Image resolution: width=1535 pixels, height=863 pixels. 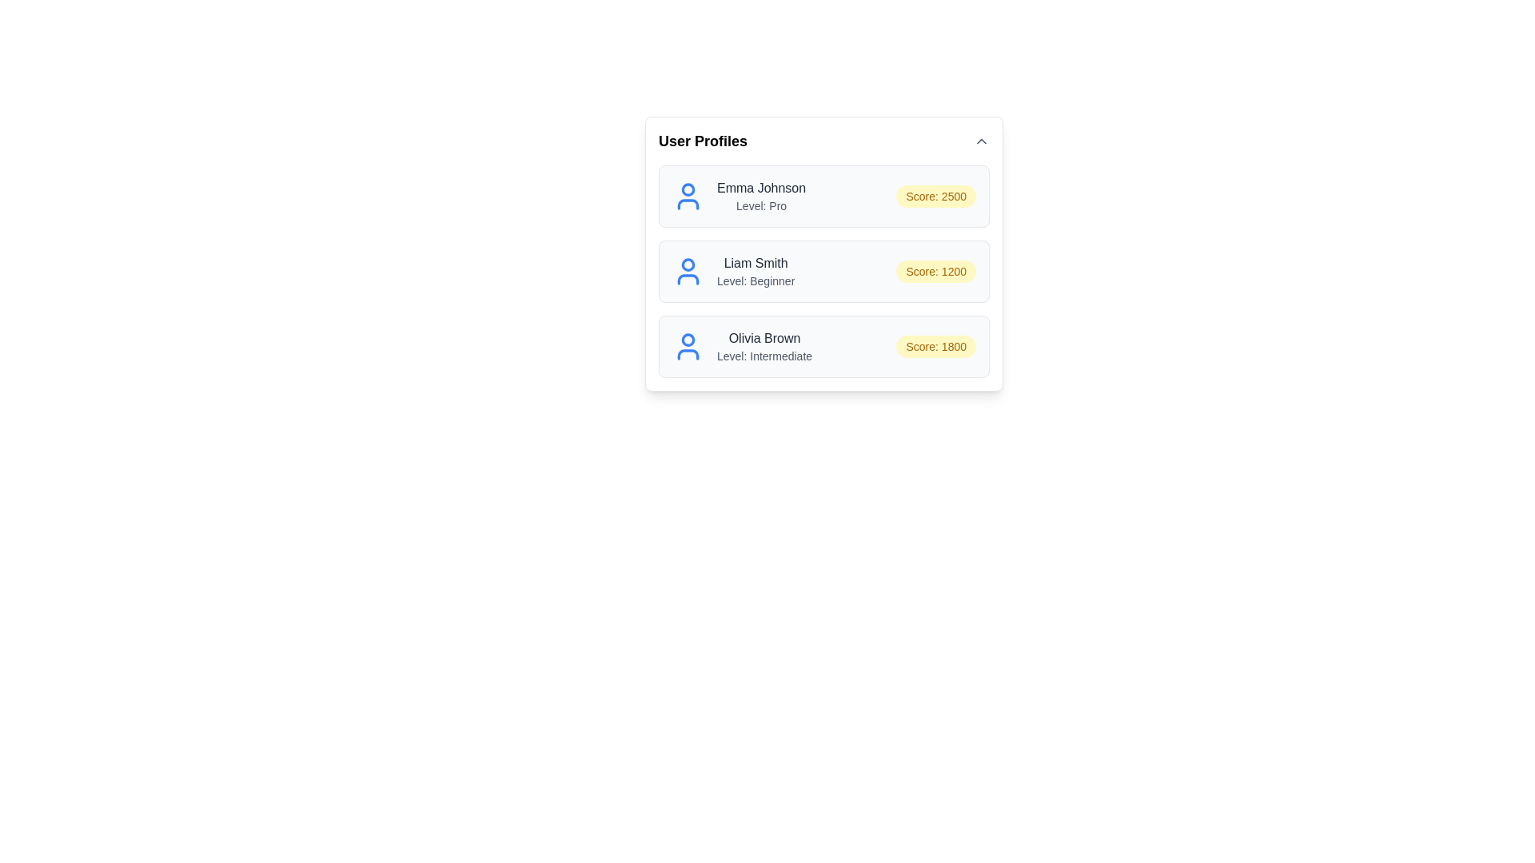 I want to click on the profile icon representing user 'Emma Johnson' located in the top left corner of the user profiles list, adjacent to 'Emma Johnson Level: Pro', so click(x=688, y=196).